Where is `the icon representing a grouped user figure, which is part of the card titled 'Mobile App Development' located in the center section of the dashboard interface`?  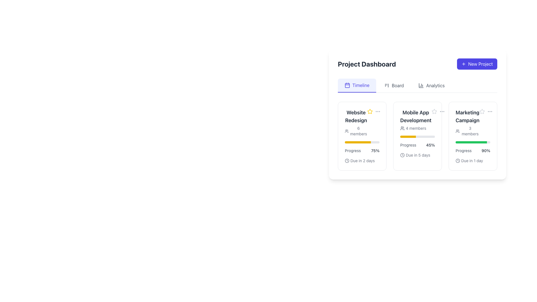
the icon representing a grouped user figure, which is part of the card titled 'Mobile App Development' located in the center section of the dashboard interface is located at coordinates (402, 128).